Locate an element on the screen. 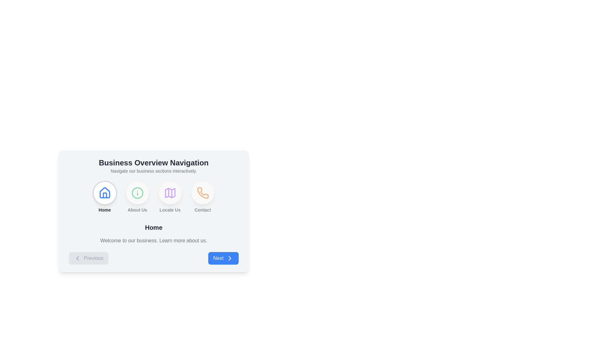 The image size is (603, 339). the green circular IconButton with an information symbol is located at coordinates (137, 192).